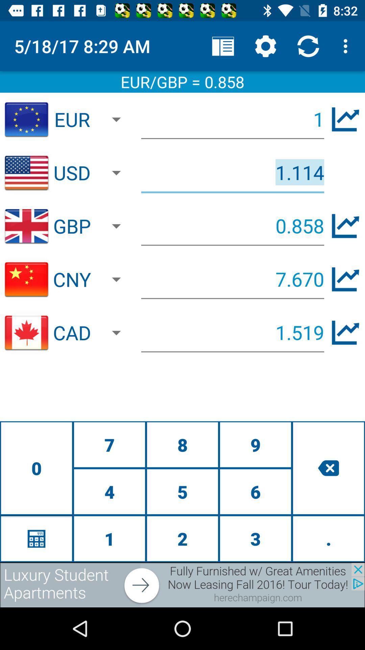 This screenshot has height=650, width=365. What do you see at coordinates (328, 468) in the screenshot?
I see `delete number` at bounding box center [328, 468].